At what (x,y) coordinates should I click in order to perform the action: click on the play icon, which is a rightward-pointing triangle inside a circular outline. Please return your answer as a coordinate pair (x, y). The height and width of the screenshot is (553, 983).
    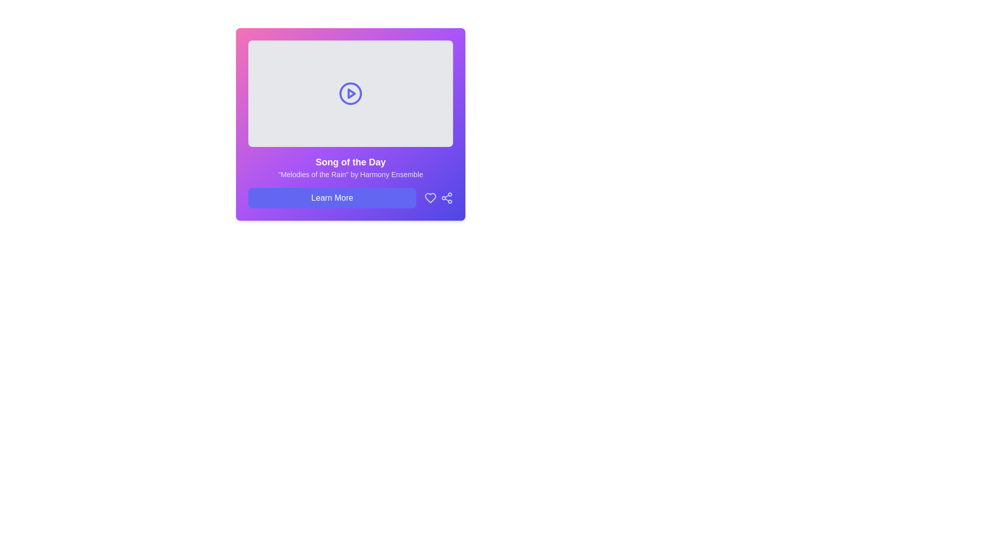
    Looking at the image, I should click on (351, 93).